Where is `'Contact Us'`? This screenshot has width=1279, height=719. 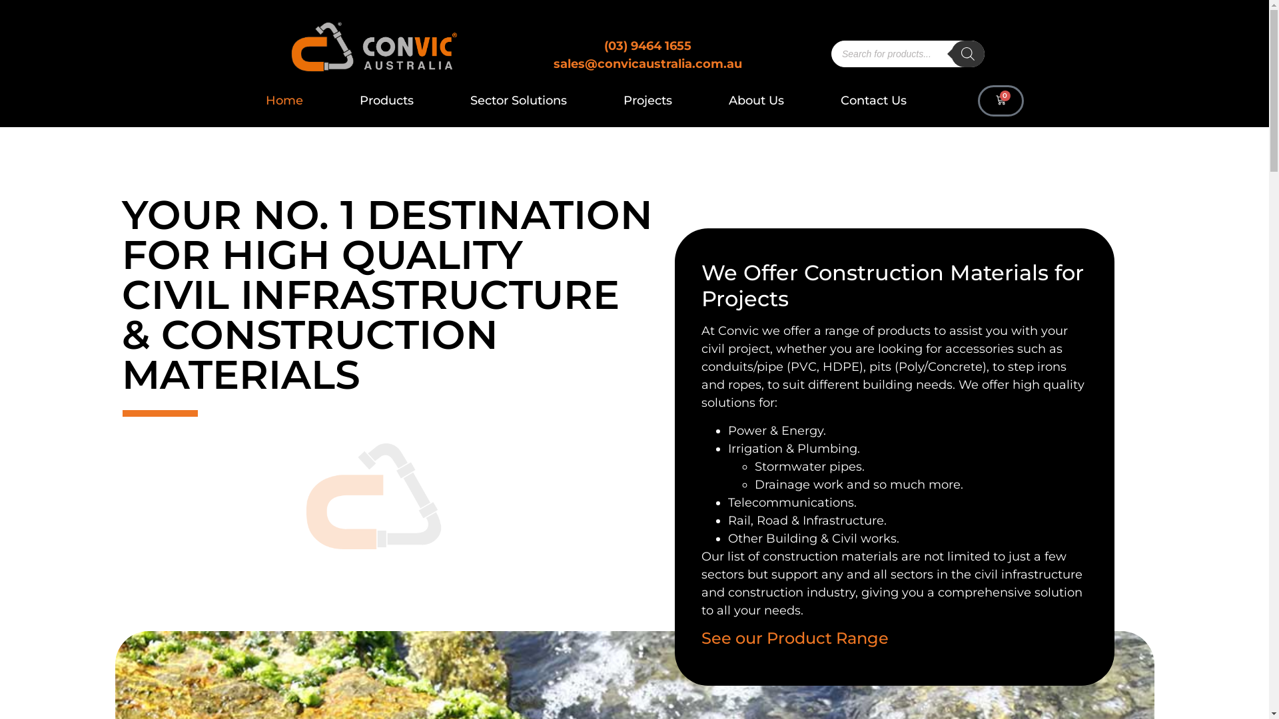 'Contact Us' is located at coordinates (873, 99).